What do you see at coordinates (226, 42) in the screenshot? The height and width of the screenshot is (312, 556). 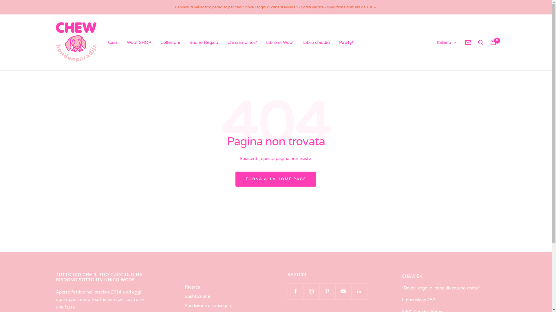 I see `'Chi siamo noi?'` at bounding box center [226, 42].